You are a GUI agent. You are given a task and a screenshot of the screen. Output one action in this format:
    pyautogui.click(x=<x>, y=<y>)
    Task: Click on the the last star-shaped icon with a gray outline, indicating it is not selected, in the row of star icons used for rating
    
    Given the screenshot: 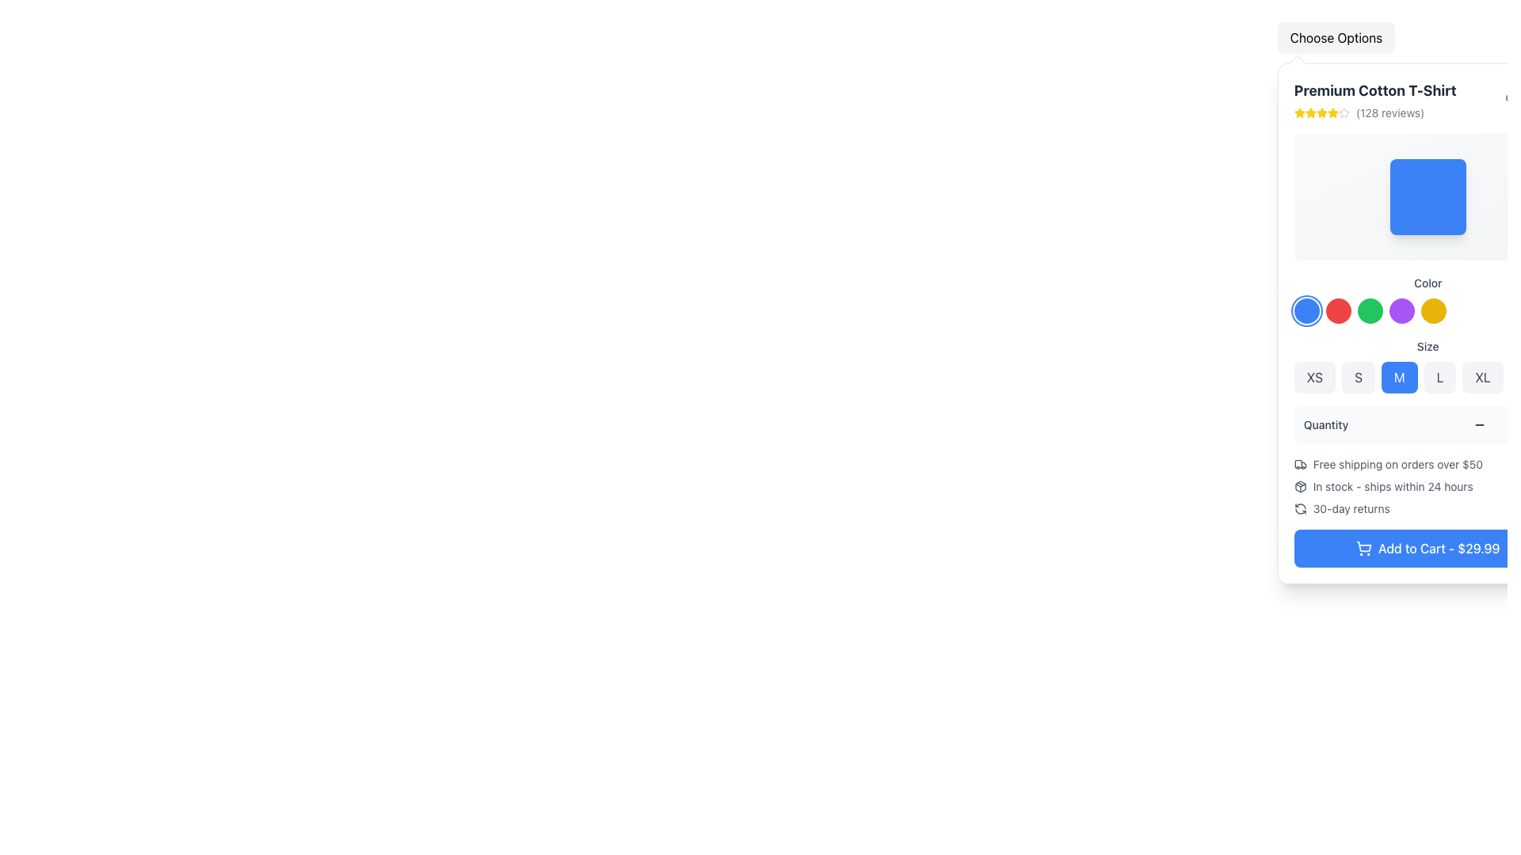 What is the action you would take?
    pyautogui.click(x=1343, y=112)
    